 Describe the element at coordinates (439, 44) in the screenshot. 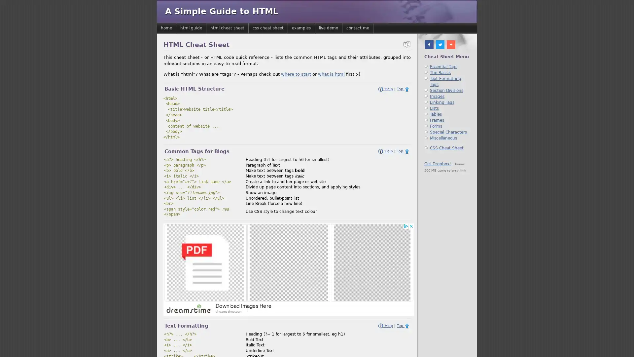

I see `Share to Twitter` at that location.